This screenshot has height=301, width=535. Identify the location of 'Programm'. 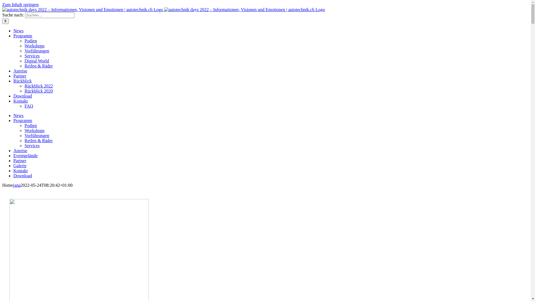
(22, 120).